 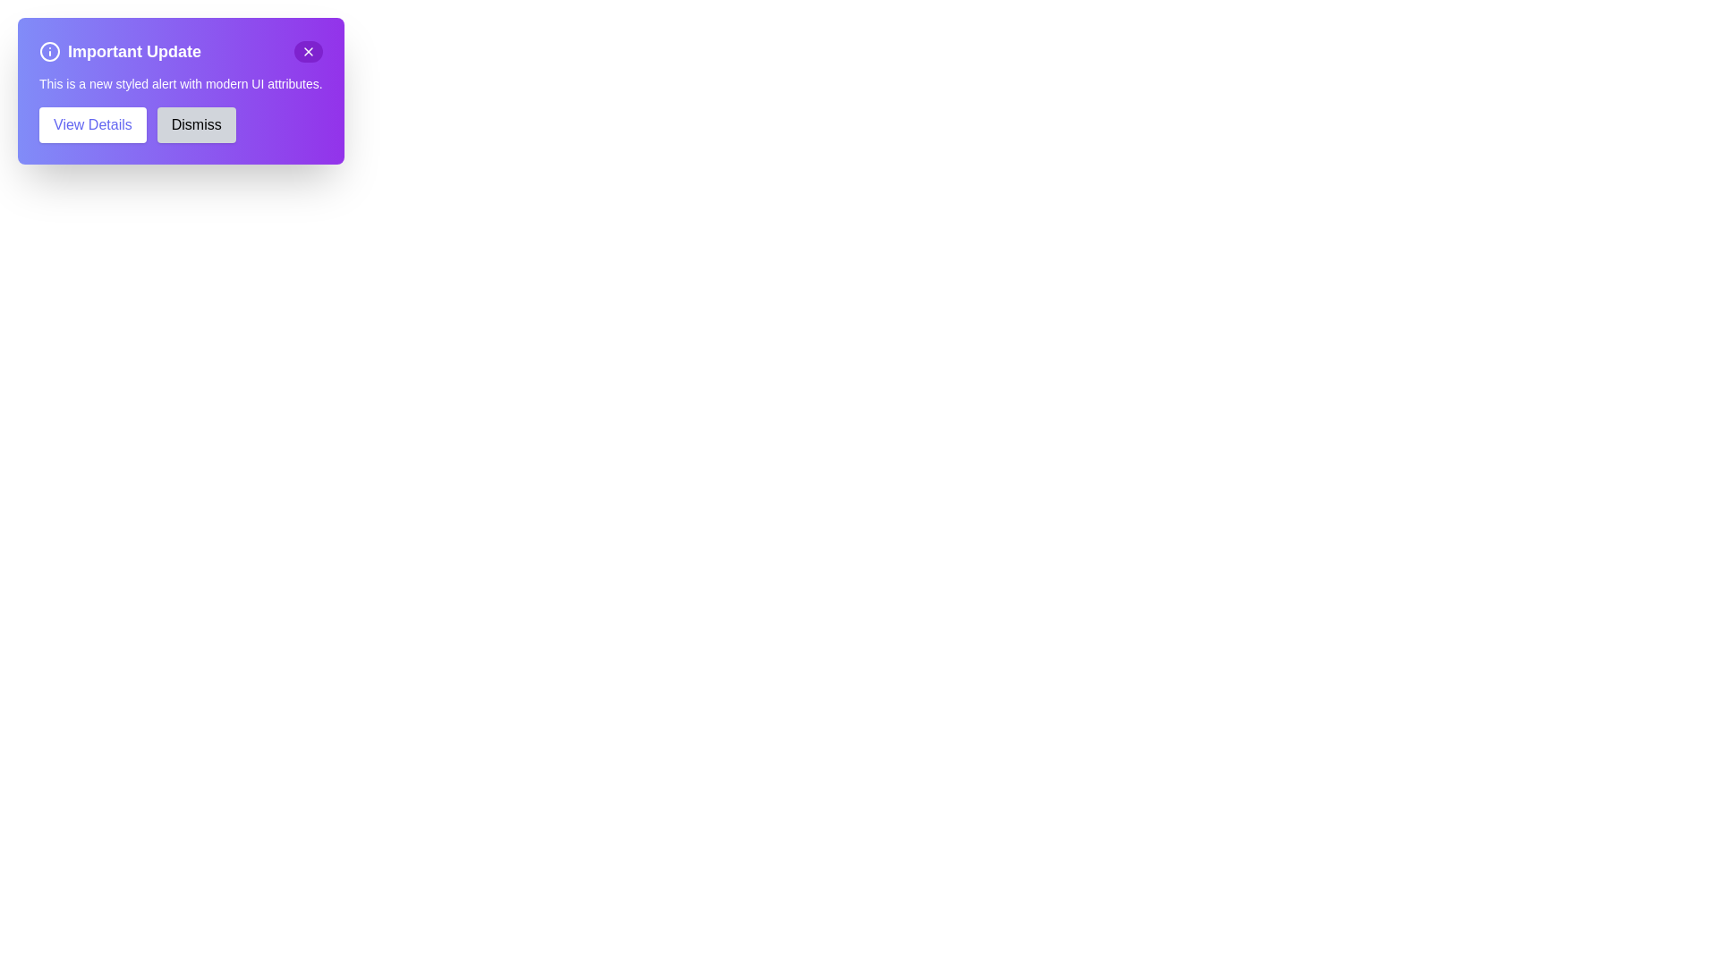 I want to click on the close button to dismiss the notification, so click(x=308, y=50).